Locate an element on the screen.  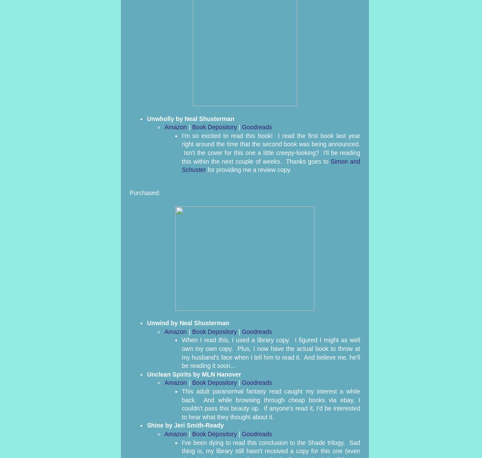
'for providing me a review copy.' is located at coordinates (248, 169).